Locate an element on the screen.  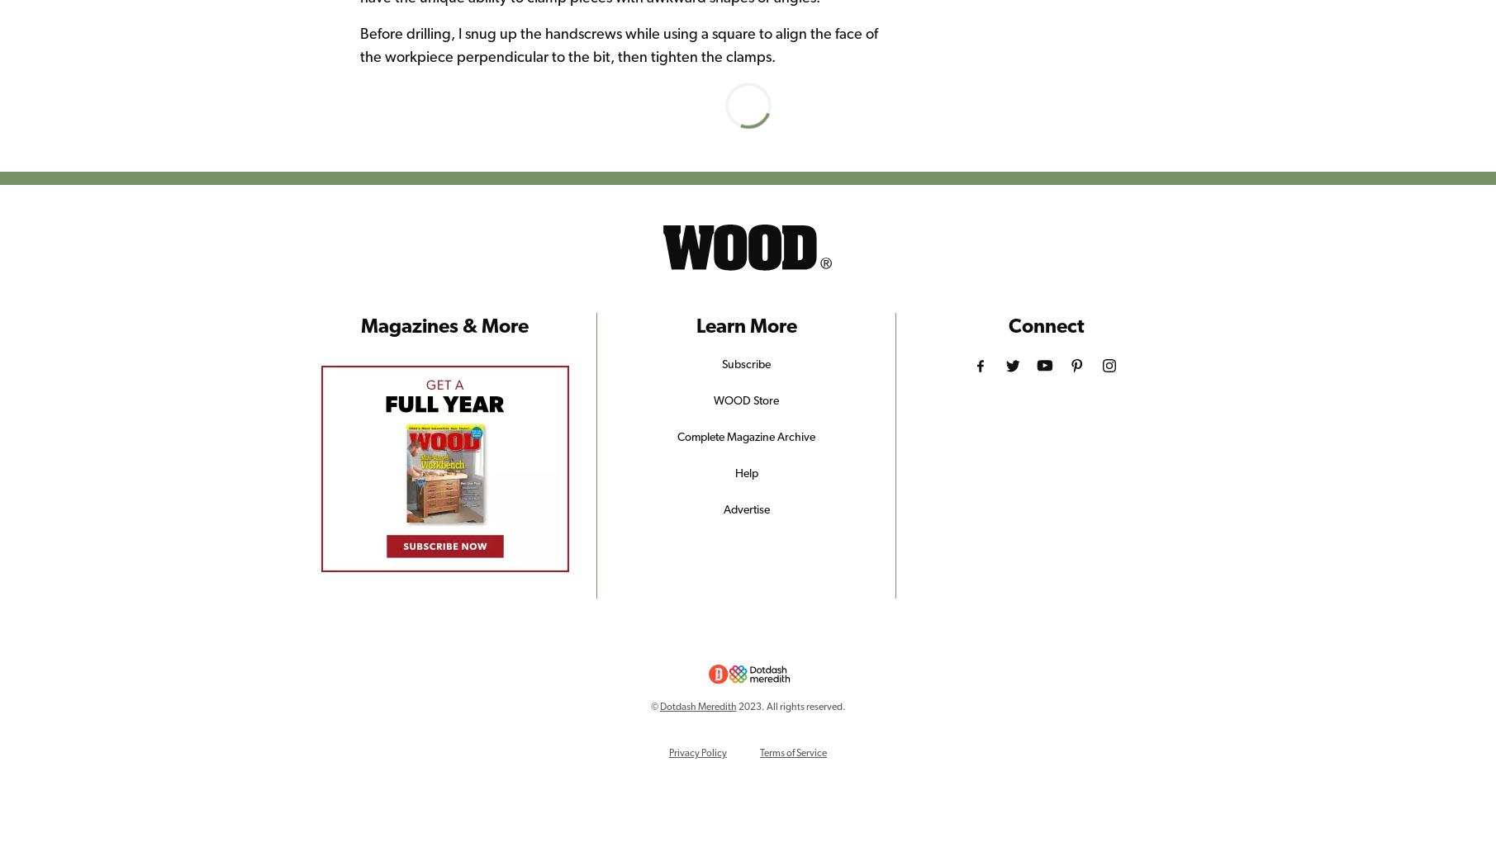
'2023. All rights reserved.' is located at coordinates (789, 706).